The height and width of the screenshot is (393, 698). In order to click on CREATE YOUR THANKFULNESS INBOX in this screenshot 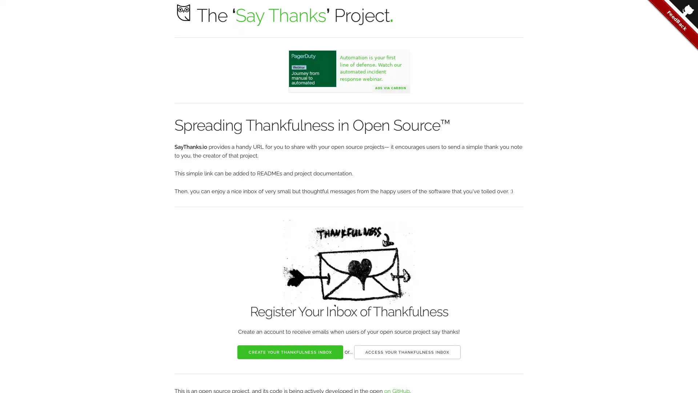, I will do `click(290, 352)`.